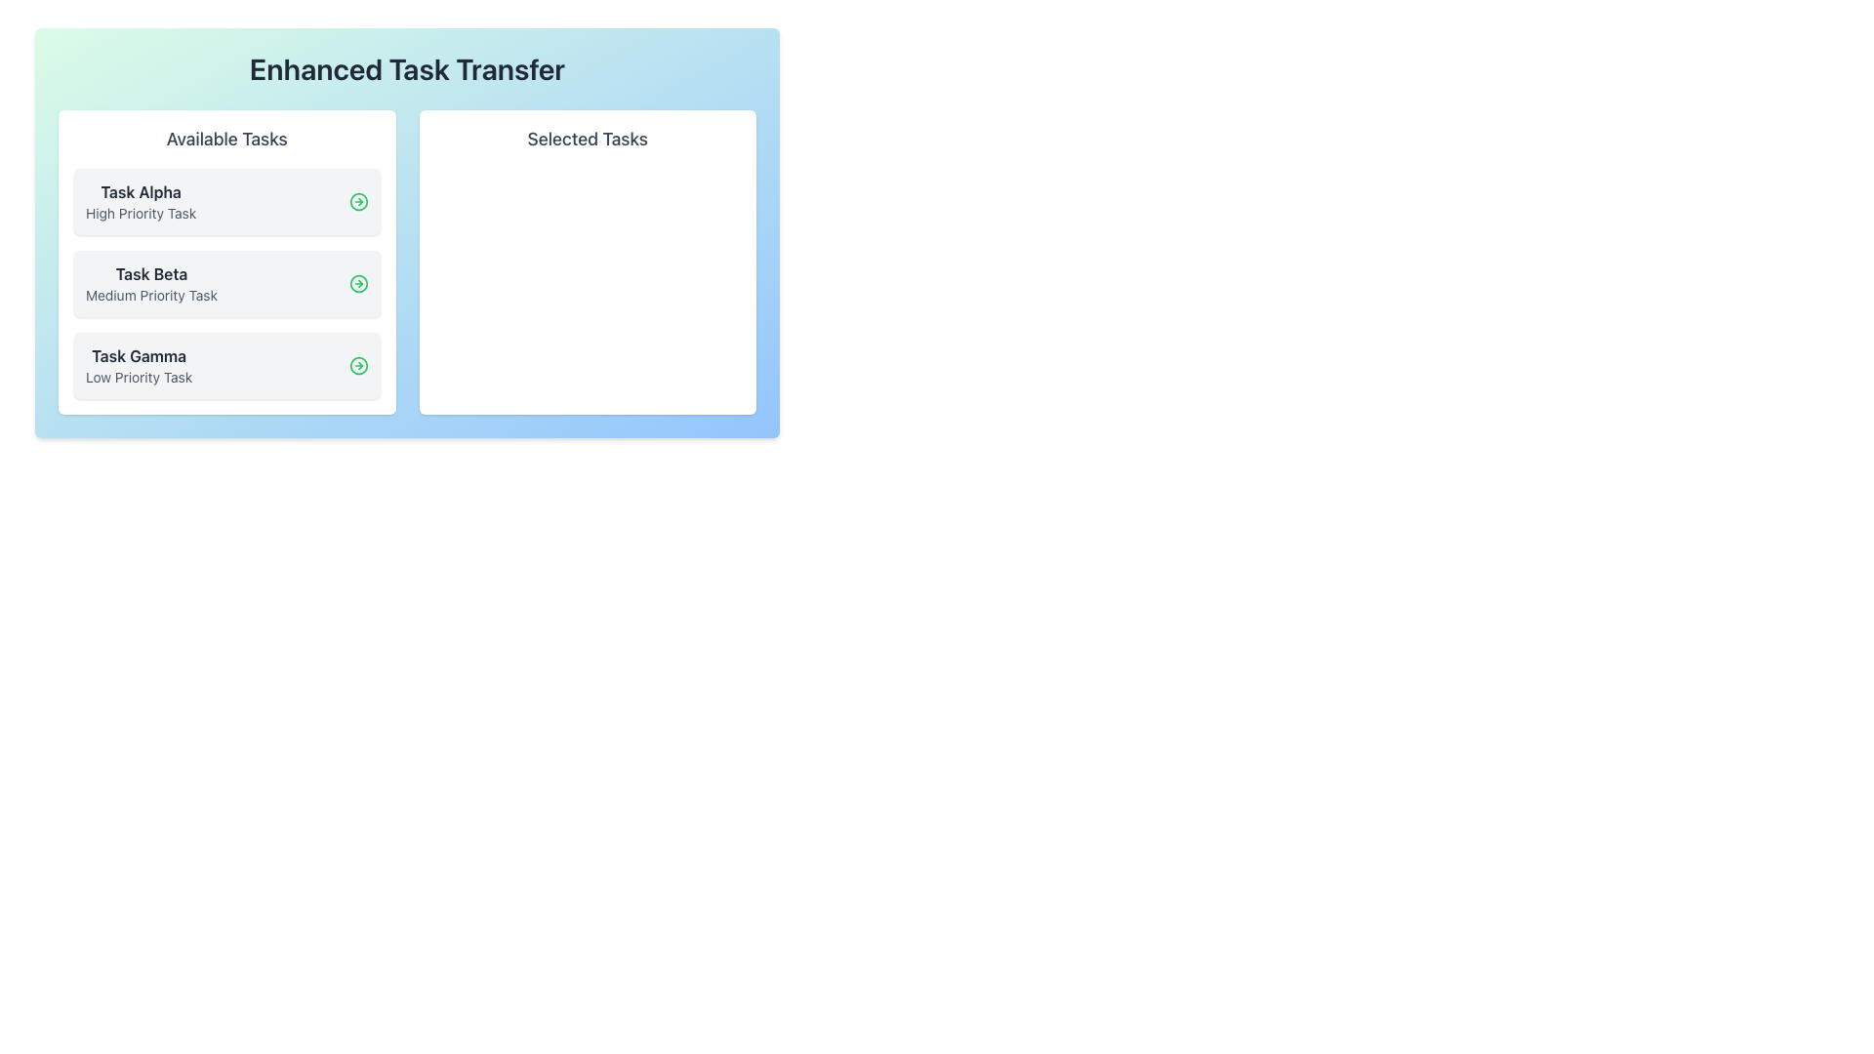 This screenshot has width=1874, height=1054. Describe the element at coordinates (138, 365) in the screenshot. I see `the list item labeled 'Task Gamma' with a lighter second line stating 'Low Priority Task', located in the 'Available Tasks' section as the third item in the vertical task list` at that location.